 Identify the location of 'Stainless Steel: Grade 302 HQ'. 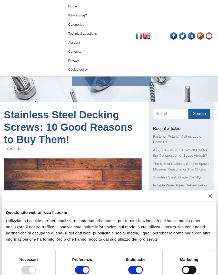
(176, 177).